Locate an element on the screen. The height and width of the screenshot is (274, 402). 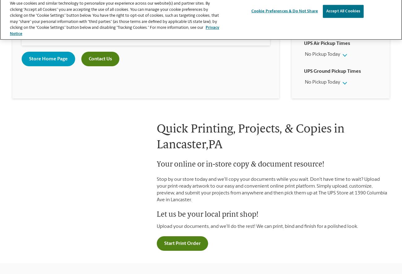
'UPS Ground Pickup Times' is located at coordinates (304, 71).